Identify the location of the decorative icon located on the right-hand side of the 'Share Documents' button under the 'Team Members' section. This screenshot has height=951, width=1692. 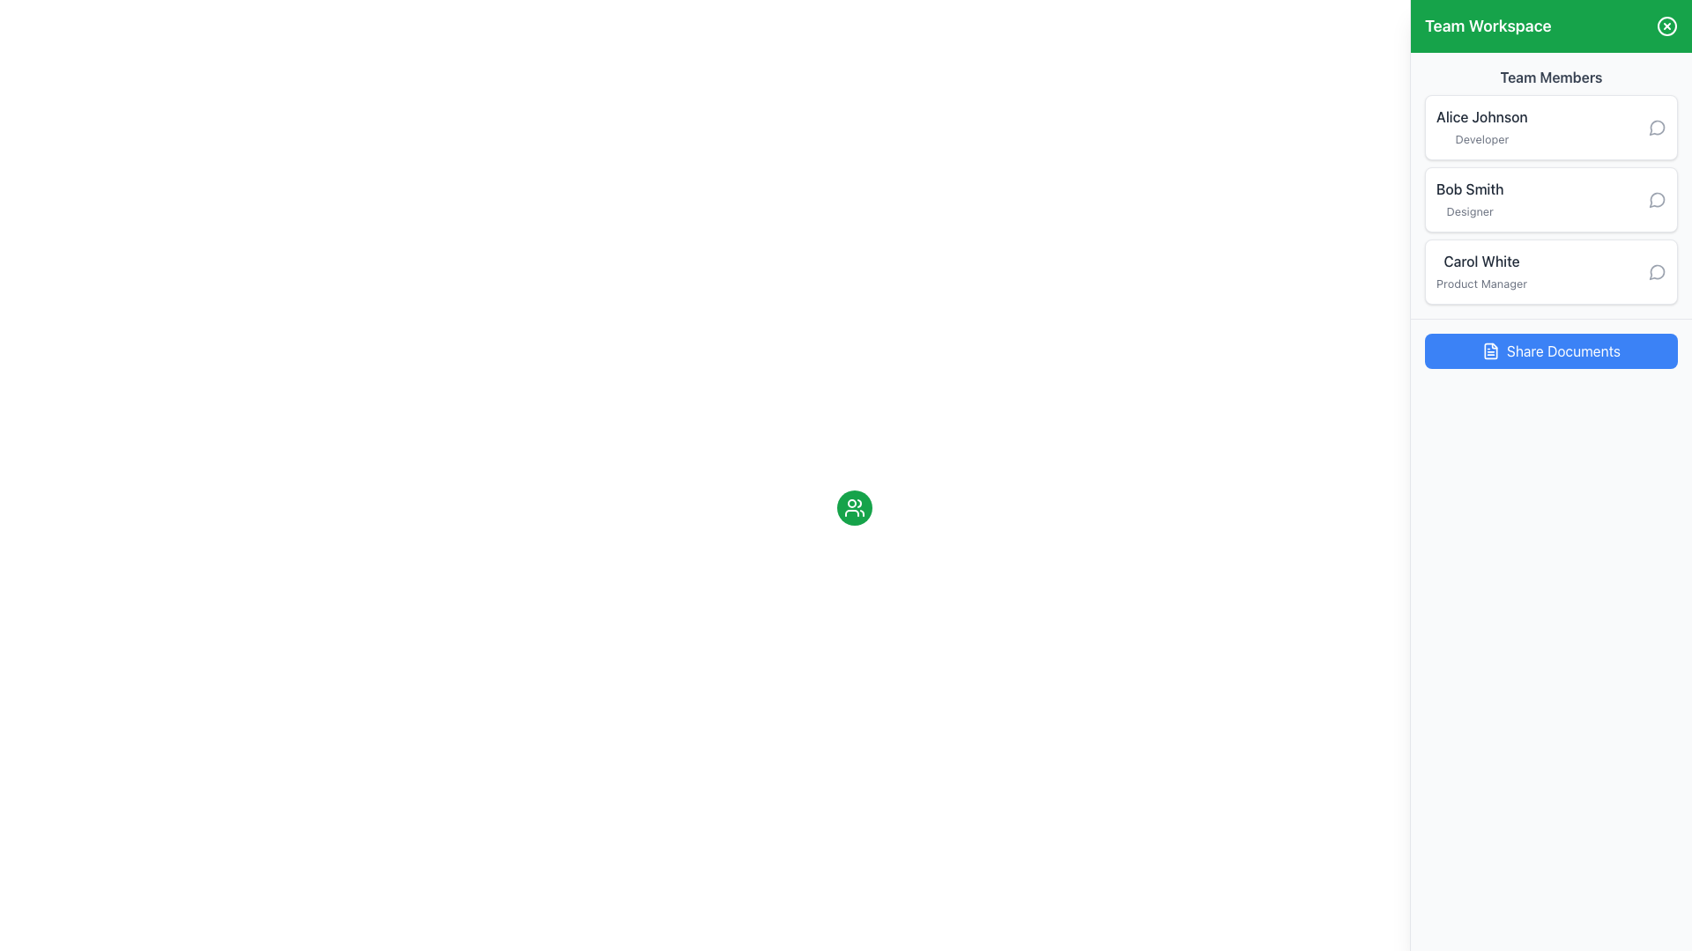
(1489, 350).